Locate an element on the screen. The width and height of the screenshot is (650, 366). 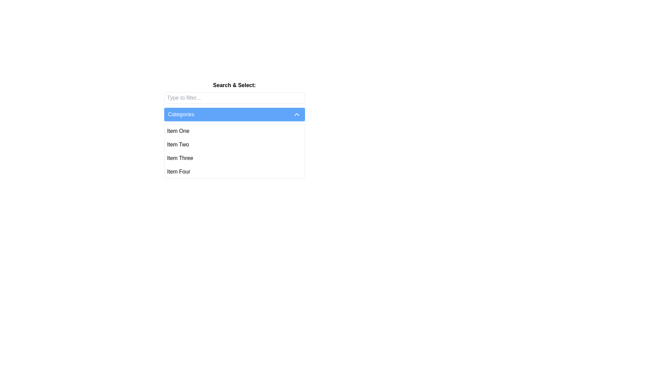
the text label displaying 'Item One' in the dropdown list is located at coordinates (178, 131).